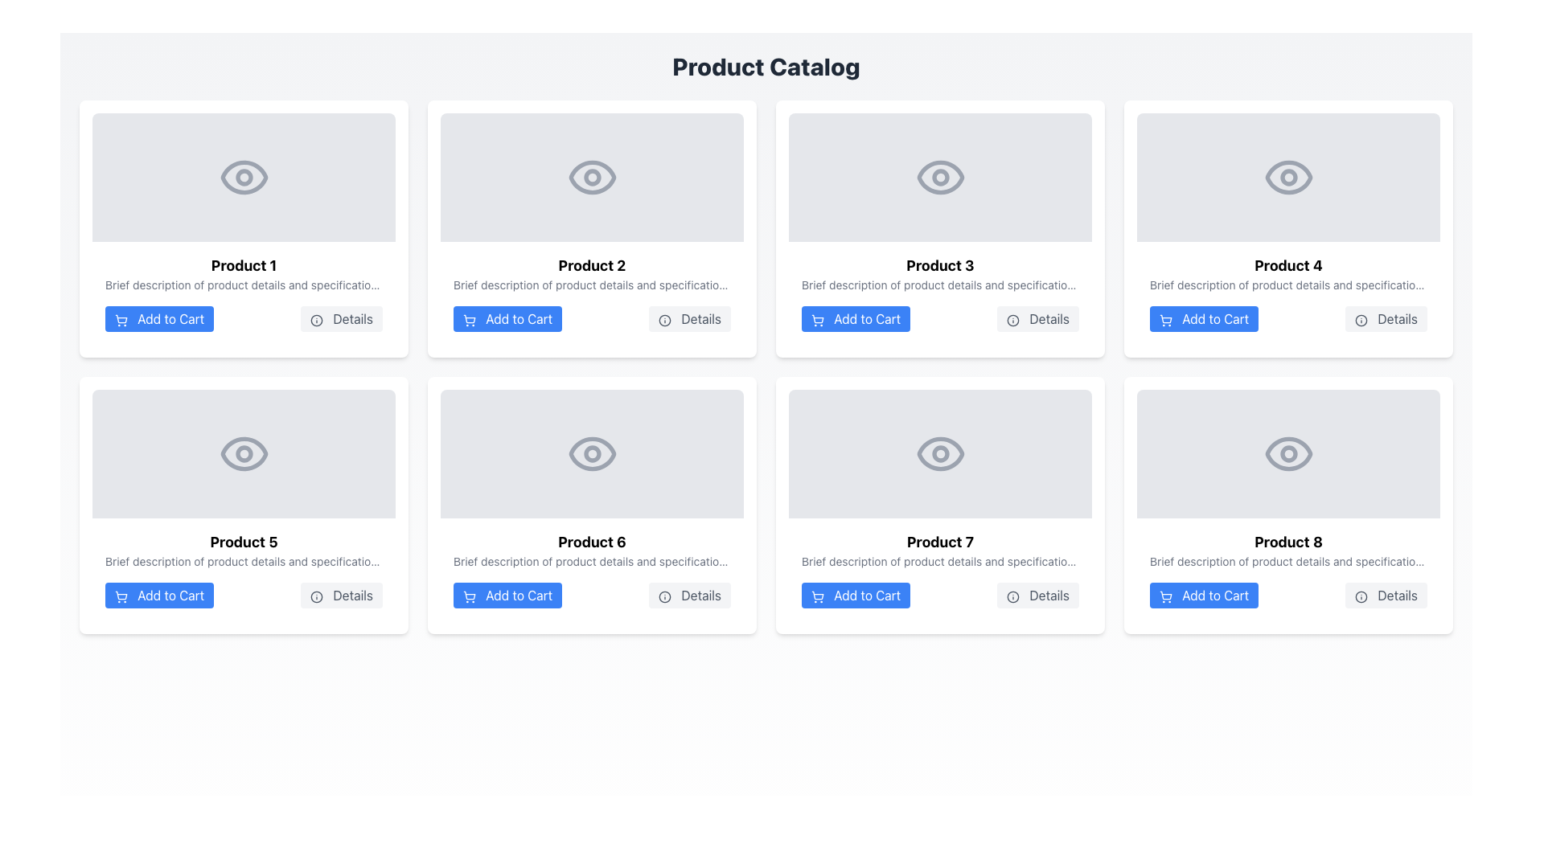 The image size is (1544, 868). Describe the element at coordinates (243, 595) in the screenshot. I see `the 'Details' button located on the right side of the interactive area at the bottom of the 'Product 5' card` at that location.